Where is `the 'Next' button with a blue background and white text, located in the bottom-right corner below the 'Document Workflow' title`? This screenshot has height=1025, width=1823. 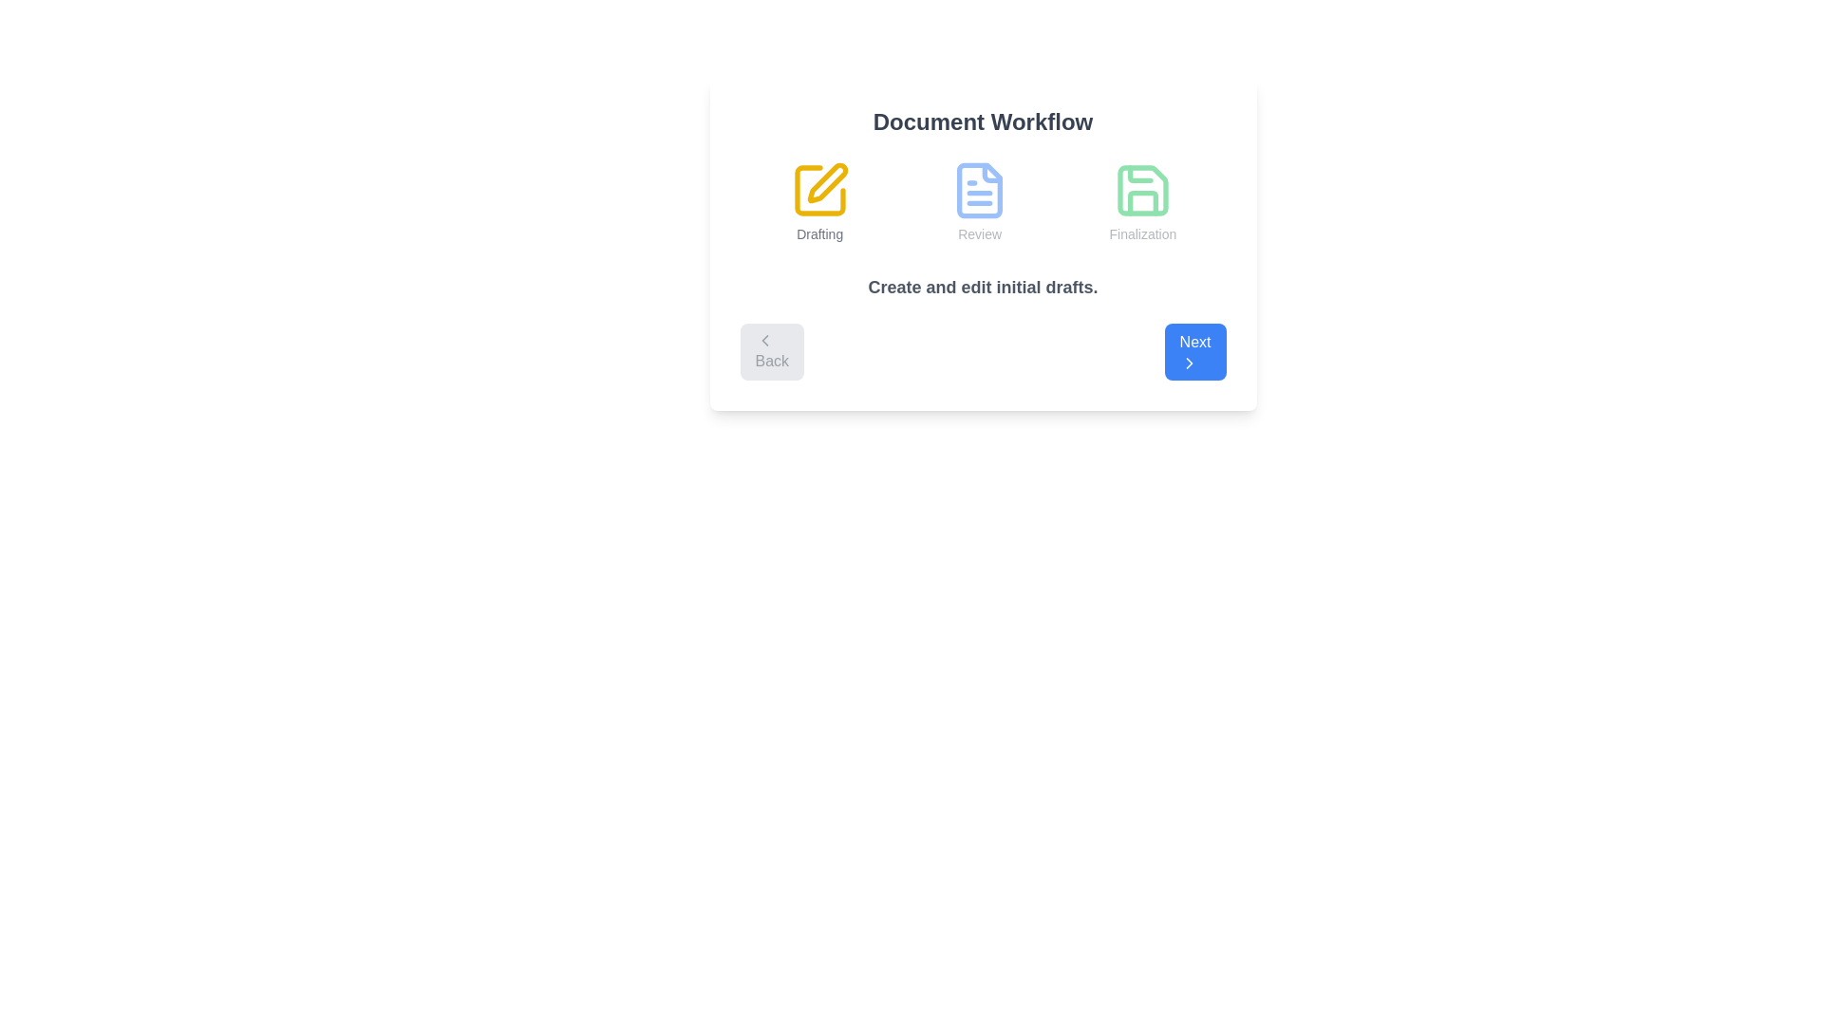 the 'Next' button with a blue background and white text, located in the bottom-right corner below the 'Document Workflow' title is located at coordinates (1194, 351).